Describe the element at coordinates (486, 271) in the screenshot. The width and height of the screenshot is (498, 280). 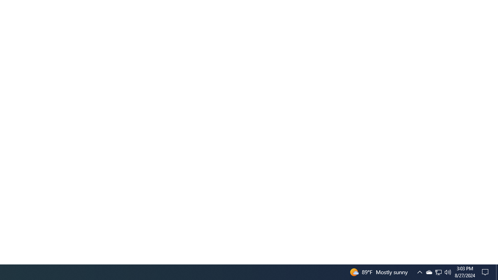
I see `'Action Center, No new notifications'` at that location.